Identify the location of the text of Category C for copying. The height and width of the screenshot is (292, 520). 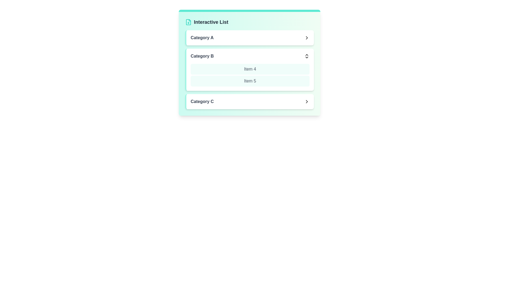
(202, 101).